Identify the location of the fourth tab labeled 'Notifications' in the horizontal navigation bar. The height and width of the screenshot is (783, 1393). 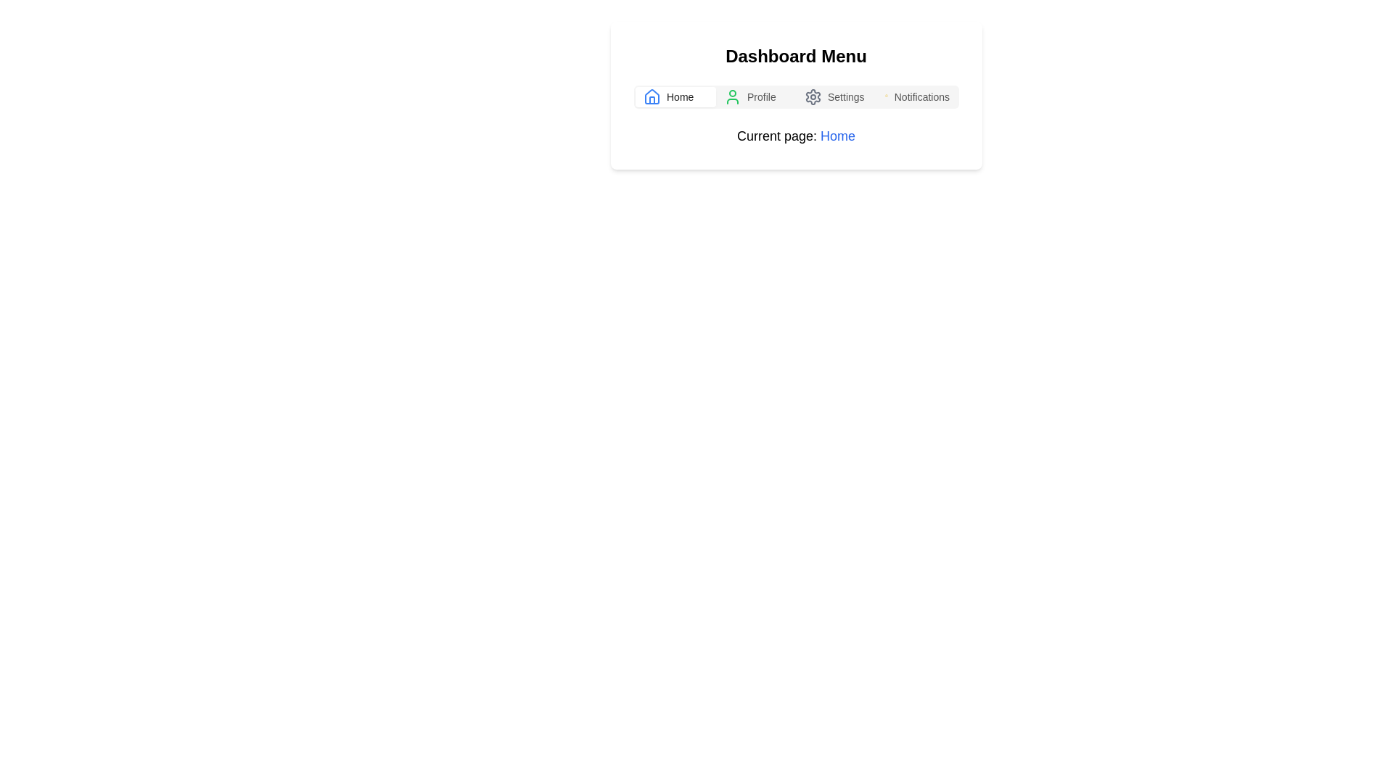
(916, 97).